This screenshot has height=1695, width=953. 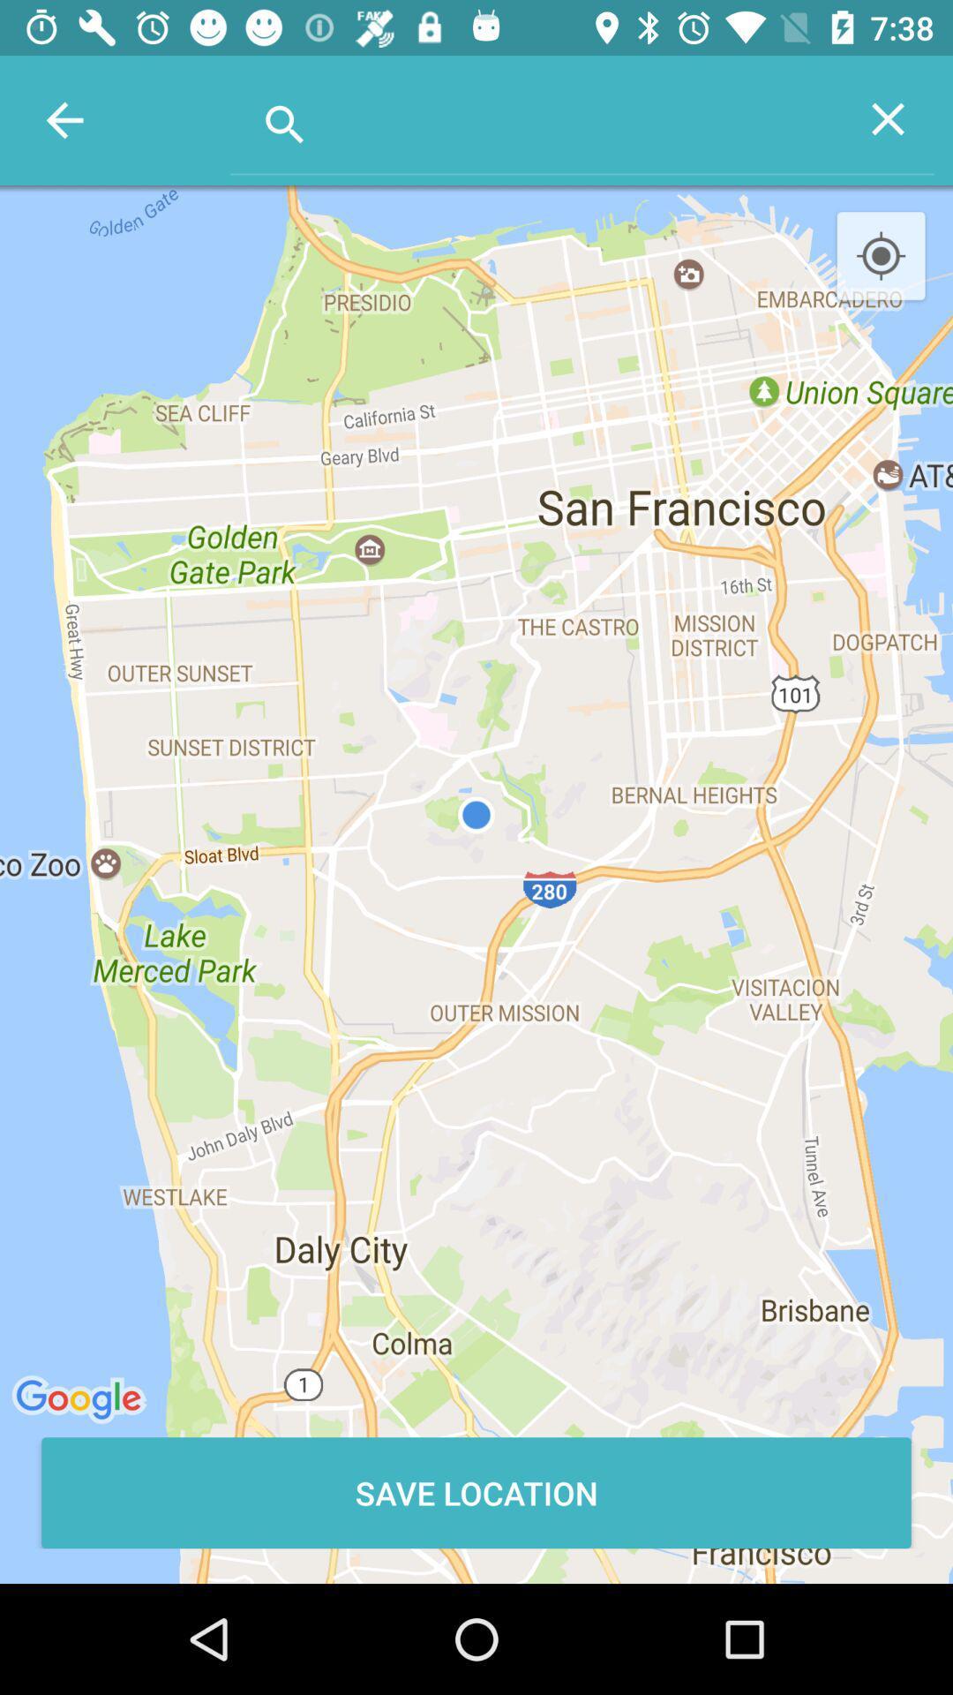 What do you see at coordinates (881, 256) in the screenshot?
I see `item above save location item` at bounding box center [881, 256].